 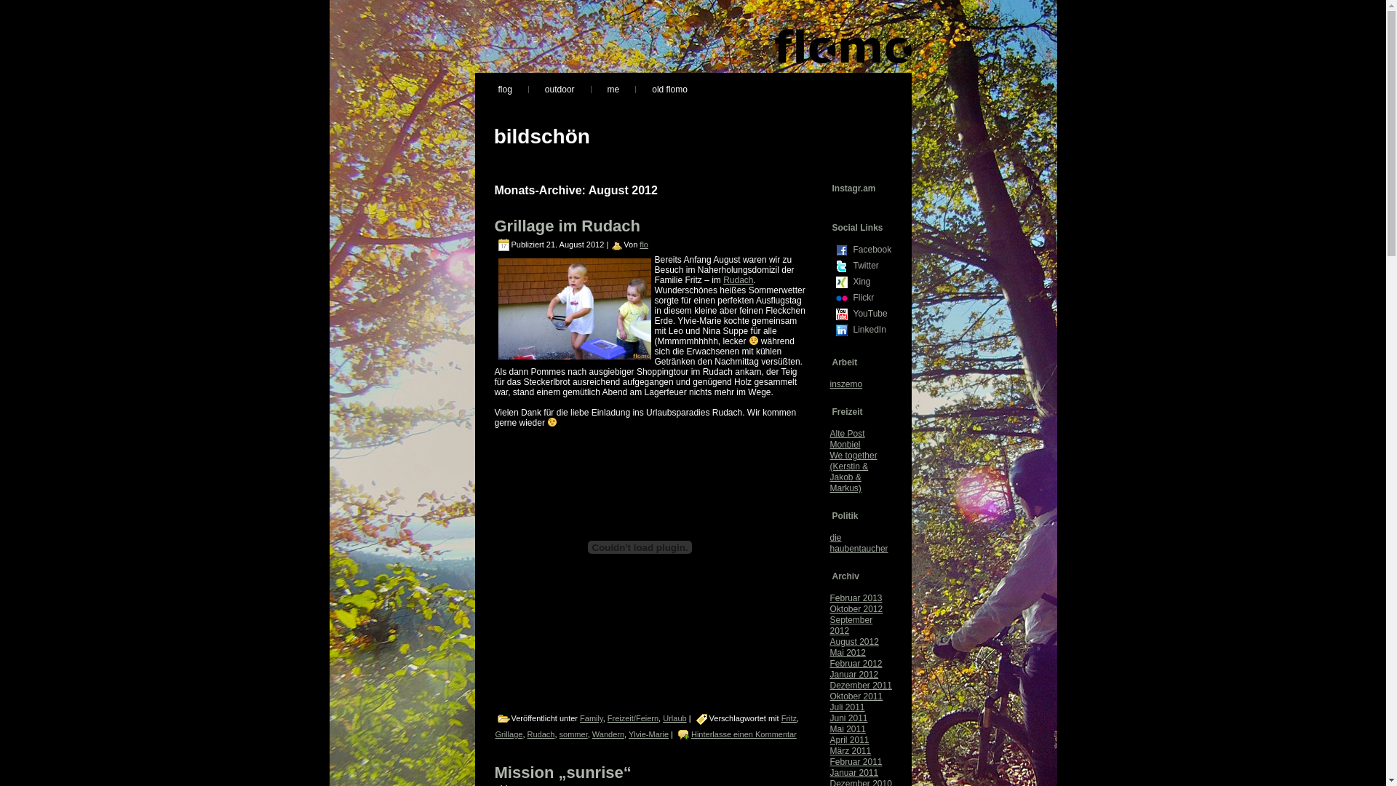 What do you see at coordinates (673, 718) in the screenshot?
I see `'Urlaub'` at bounding box center [673, 718].